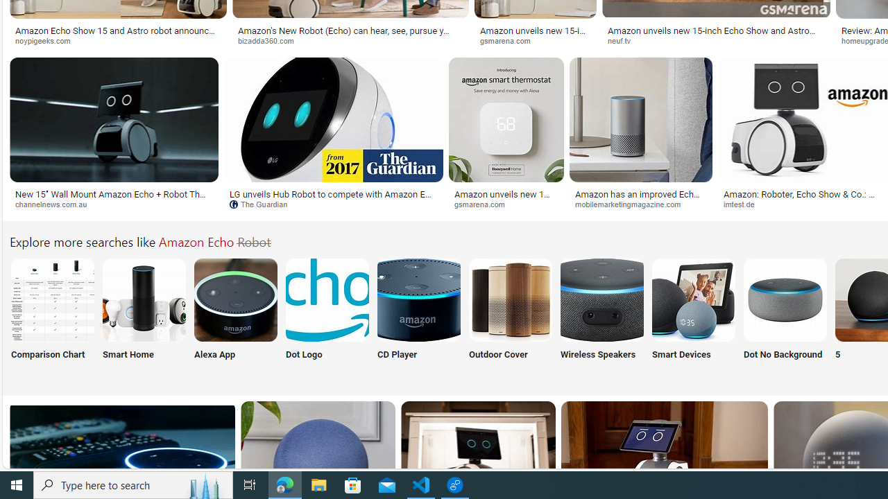  What do you see at coordinates (785, 317) in the screenshot?
I see `'Amazon Echo Dot Photo No Background Dot No Background'` at bounding box center [785, 317].